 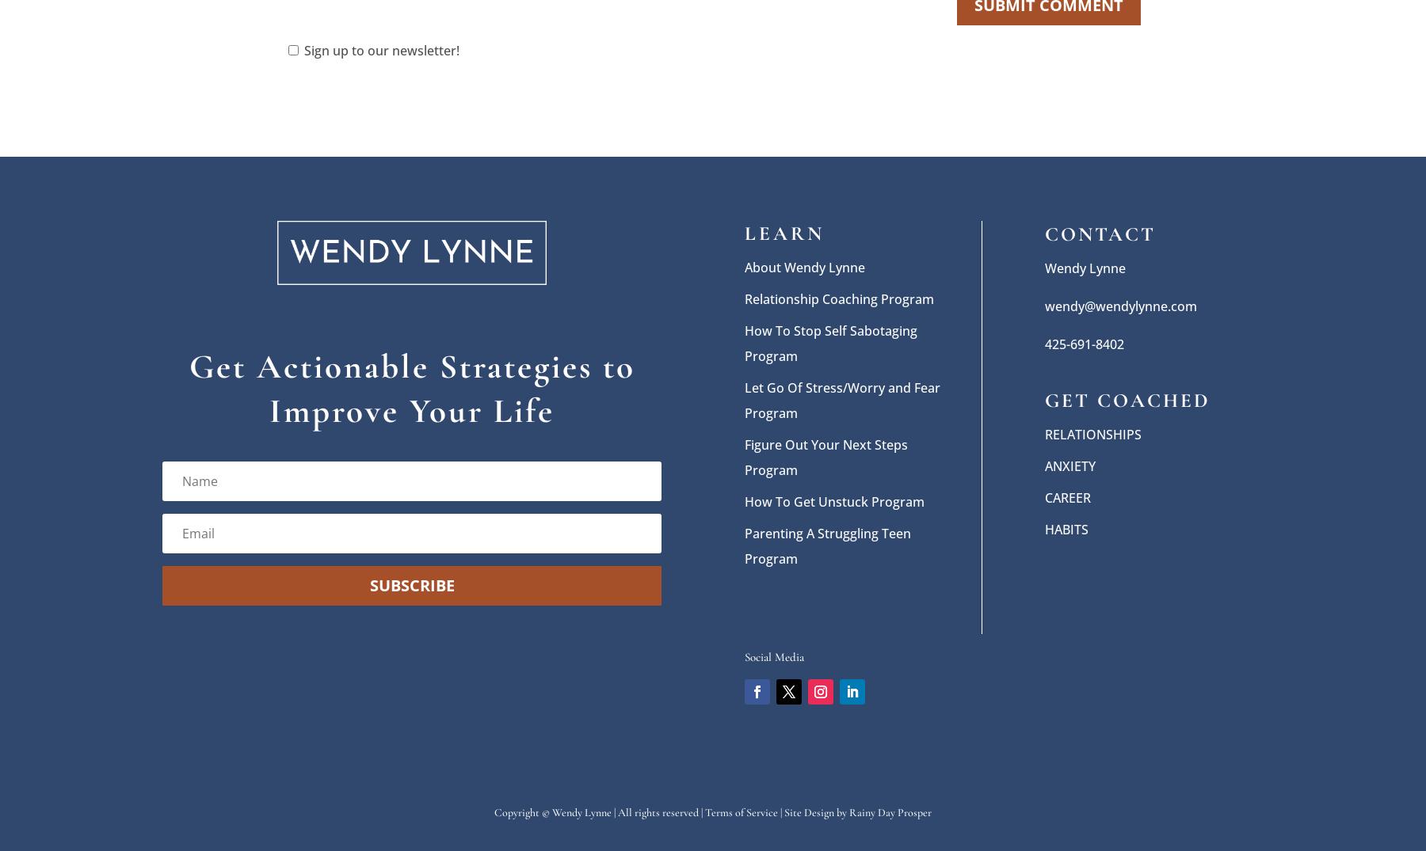 What do you see at coordinates (827, 544) in the screenshot?
I see `'Parenting A Struggling Teen Program'` at bounding box center [827, 544].